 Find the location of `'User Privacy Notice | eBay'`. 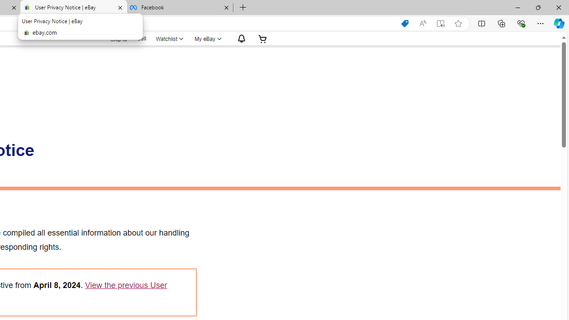

'User Privacy Notice | eBay' is located at coordinates (74, 8).